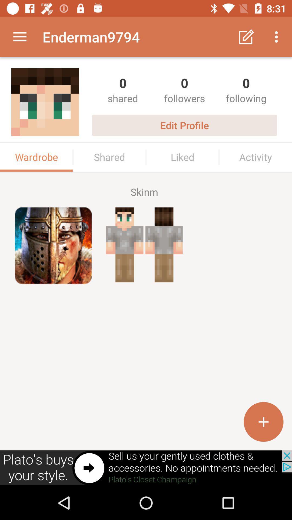  I want to click on the image below enderman, so click(45, 102).